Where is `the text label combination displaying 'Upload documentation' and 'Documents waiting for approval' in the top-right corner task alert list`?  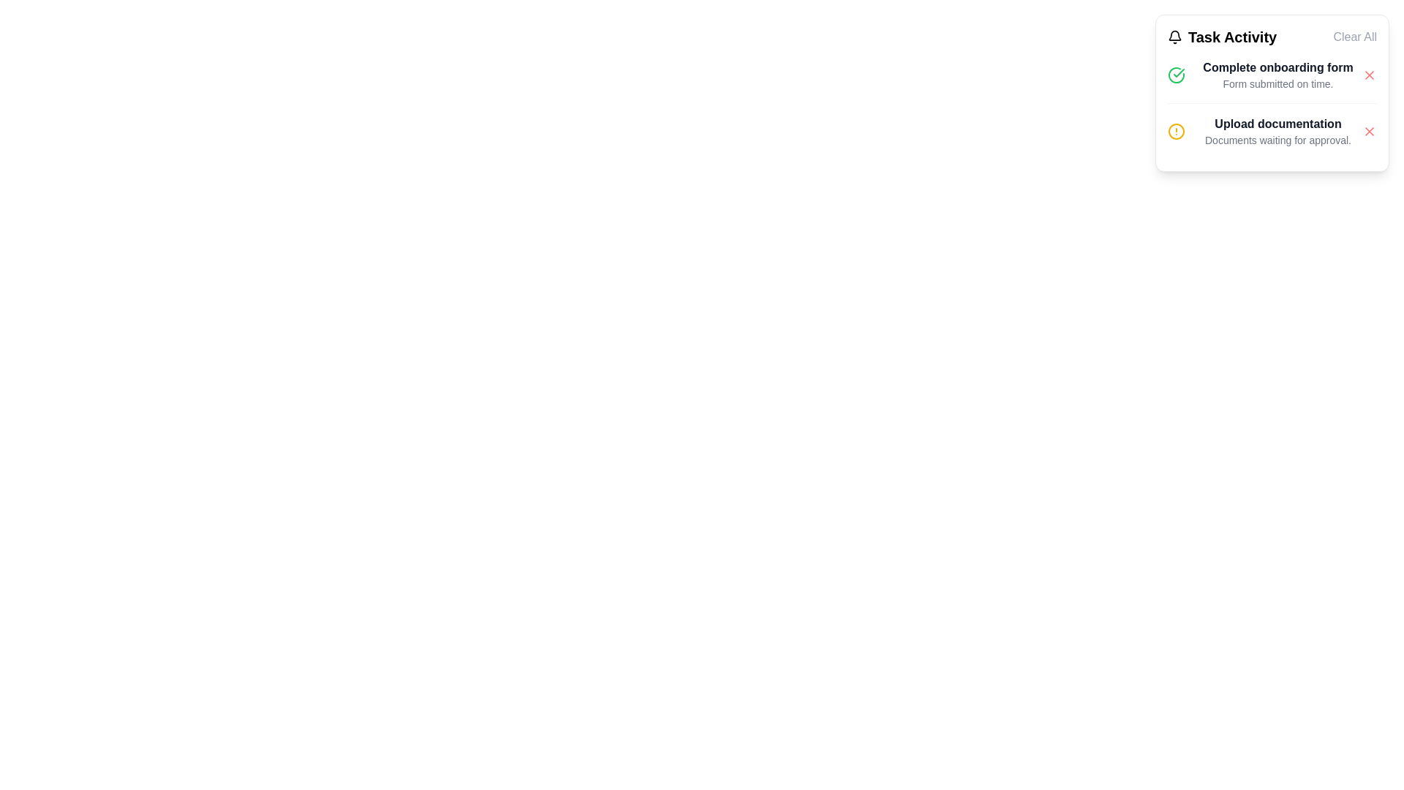 the text label combination displaying 'Upload documentation' and 'Documents waiting for approval' in the top-right corner task alert list is located at coordinates (1277, 132).